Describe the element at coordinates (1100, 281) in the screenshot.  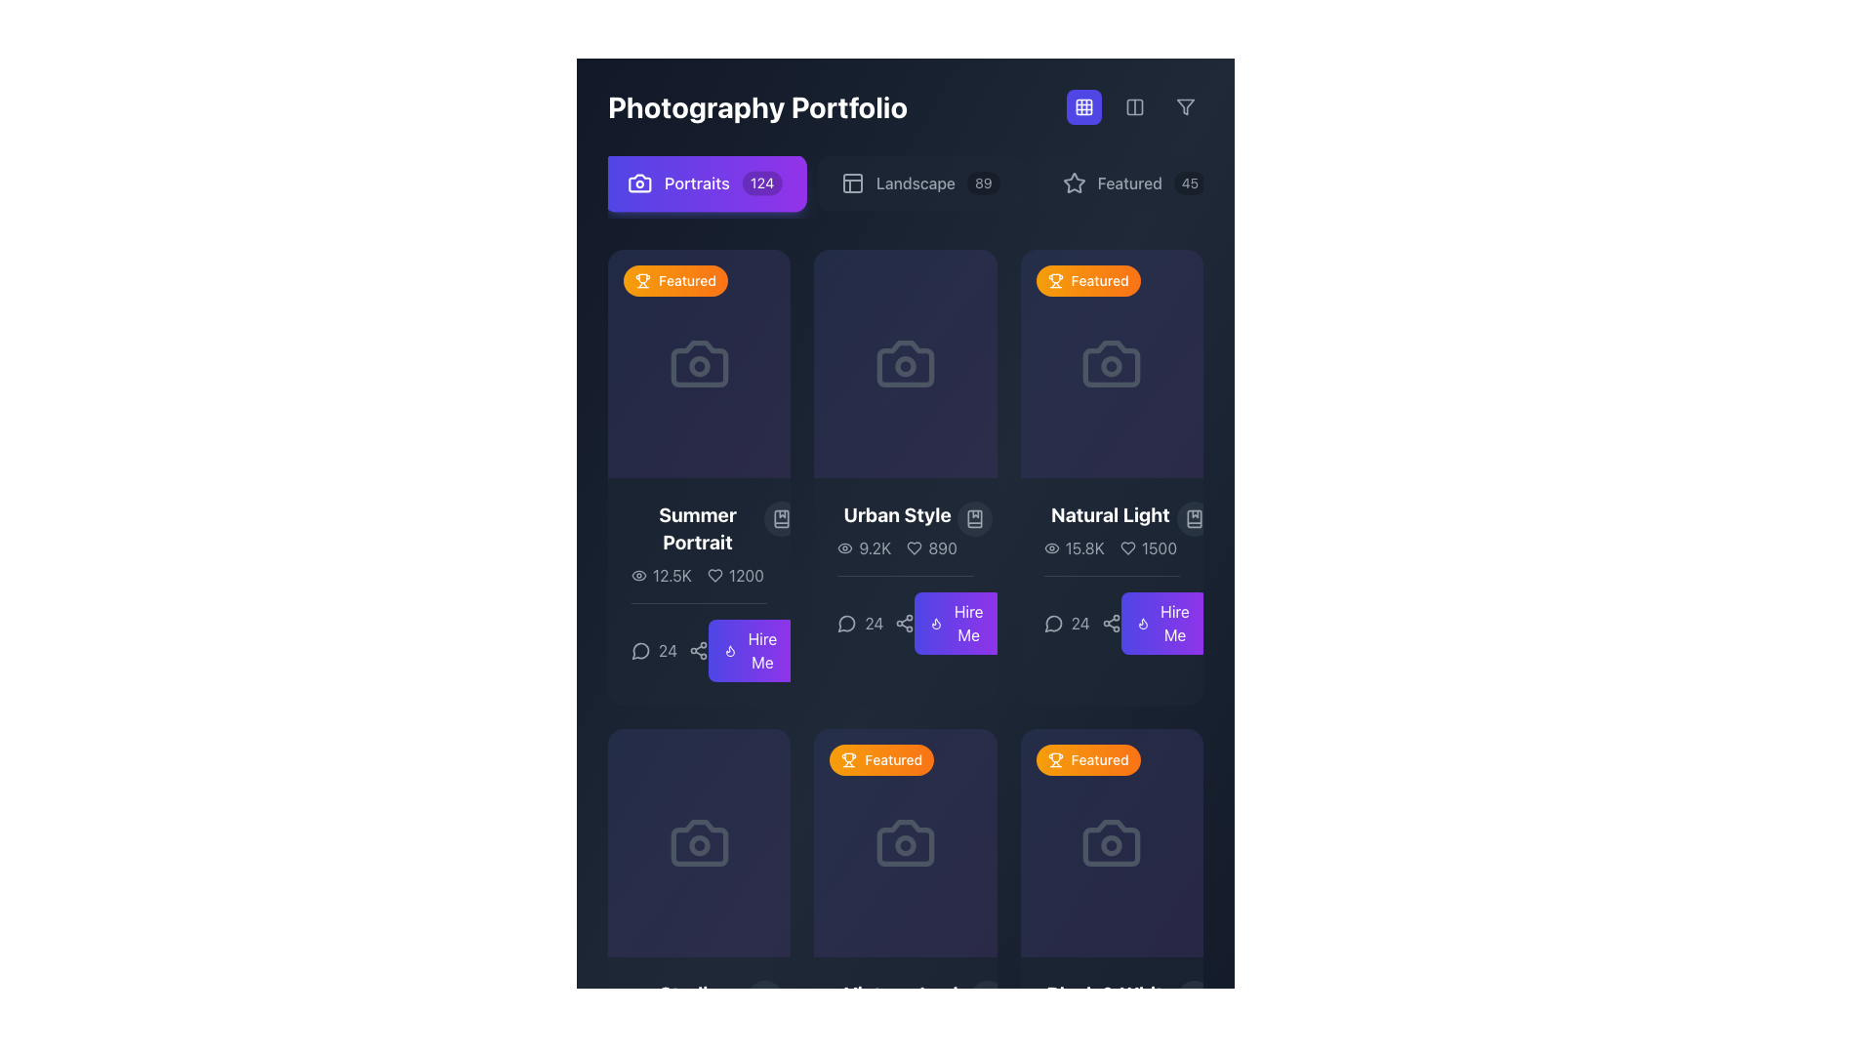
I see `the 'Featured' text label, which is styled in small white font against a gradient amber to orange background, located within a badge in the top-left corner of a card layout` at that location.